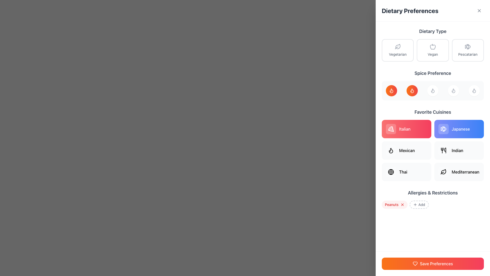 The width and height of the screenshot is (490, 276). What do you see at coordinates (390, 150) in the screenshot?
I see `the flame icon within the 'Mexican' selection block in the 'Favorite Cuisines' section for visual context` at bounding box center [390, 150].